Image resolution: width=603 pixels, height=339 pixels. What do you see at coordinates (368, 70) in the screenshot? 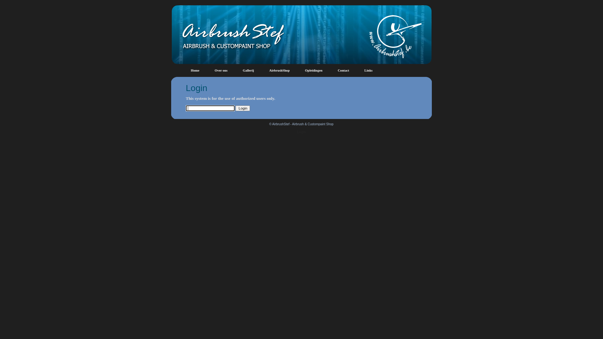
I see `'Links'` at bounding box center [368, 70].